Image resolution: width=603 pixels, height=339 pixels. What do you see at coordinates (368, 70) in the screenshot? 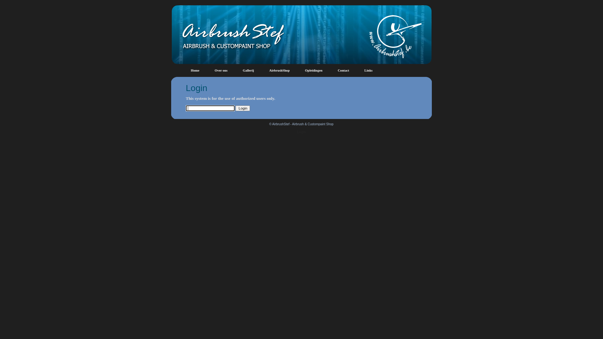
I see `'Links'` at bounding box center [368, 70].